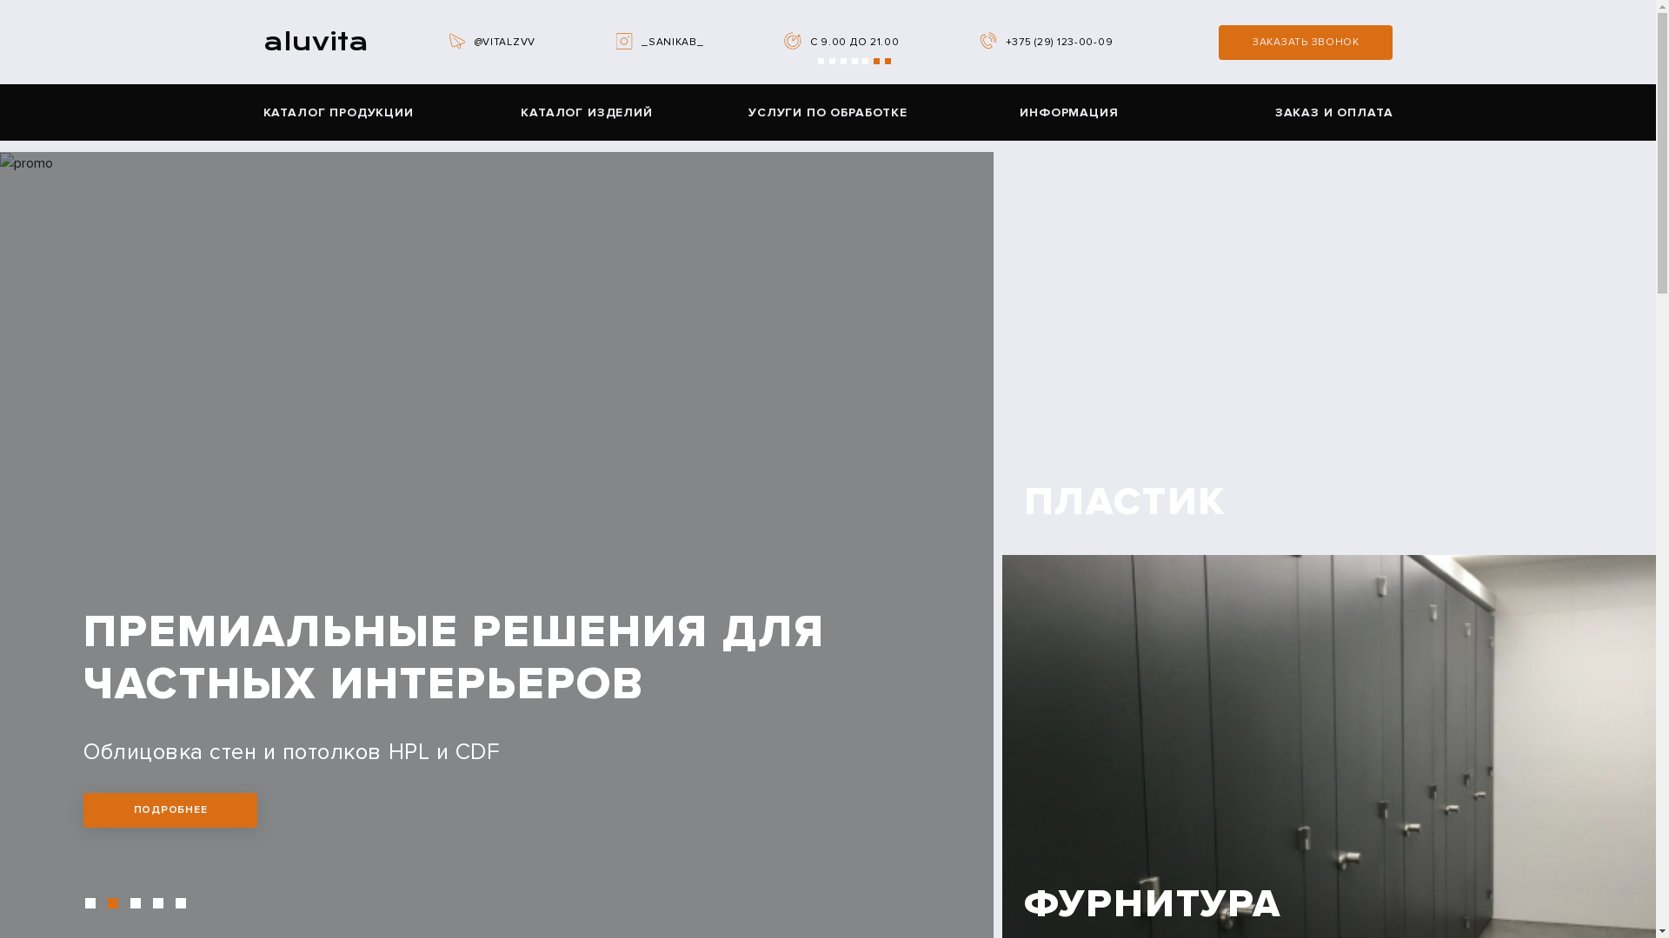 The image size is (1669, 938). What do you see at coordinates (671, 41) in the screenshot?
I see `'_SANIKAB_'` at bounding box center [671, 41].